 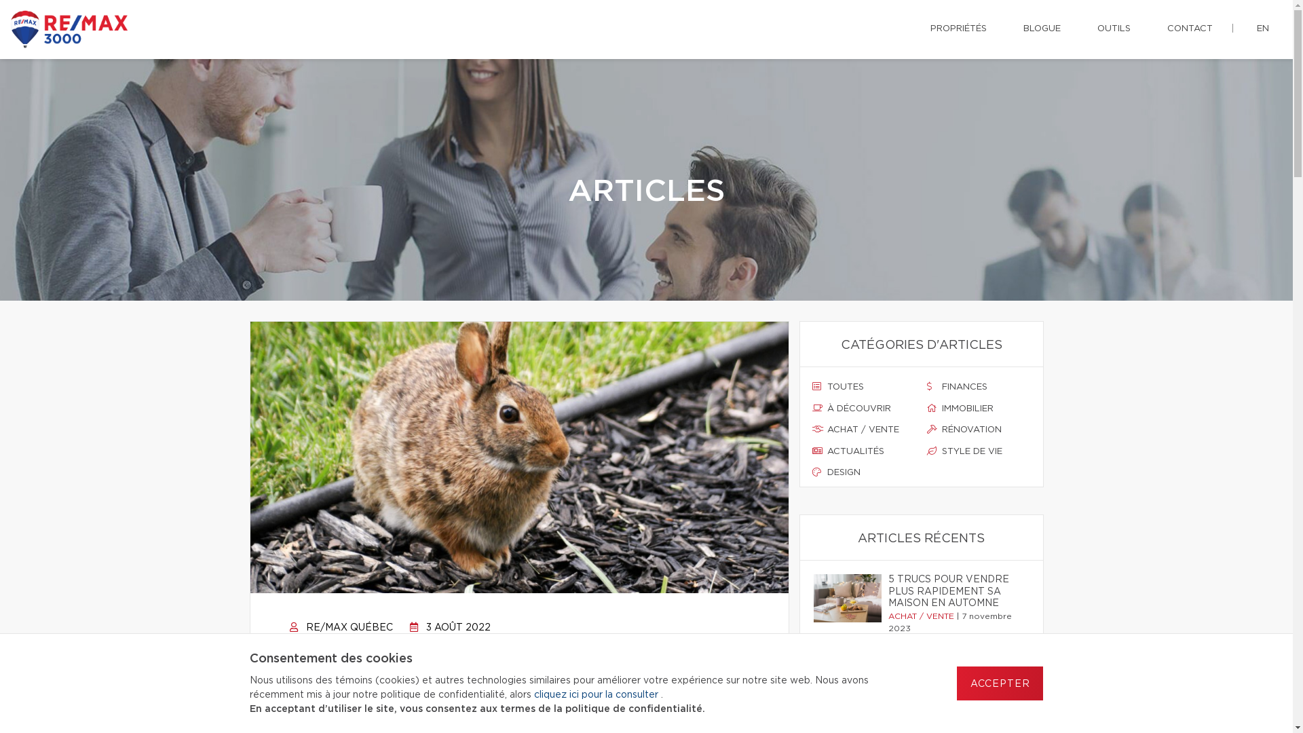 I want to click on '5 TRUCS POUR VENDRE PLUS RAPIDEMENT SA MAISON EN AUTOMNE', so click(x=888, y=591).